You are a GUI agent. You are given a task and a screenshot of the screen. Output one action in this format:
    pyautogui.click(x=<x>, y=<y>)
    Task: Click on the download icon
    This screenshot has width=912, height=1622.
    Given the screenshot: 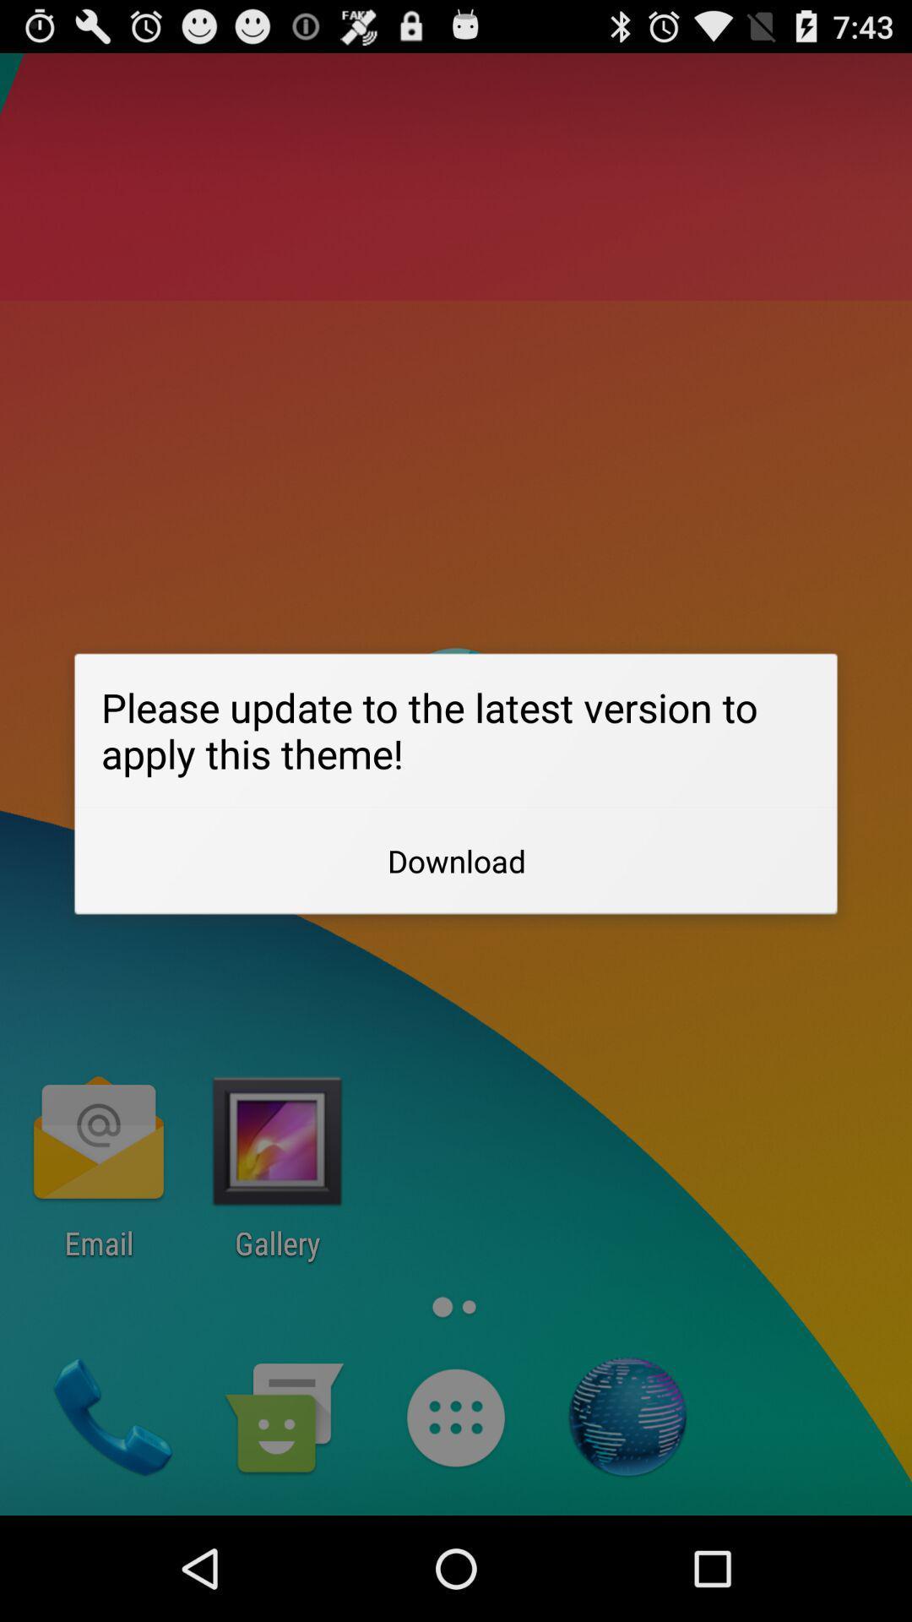 What is the action you would take?
    pyautogui.click(x=456, y=861)
    